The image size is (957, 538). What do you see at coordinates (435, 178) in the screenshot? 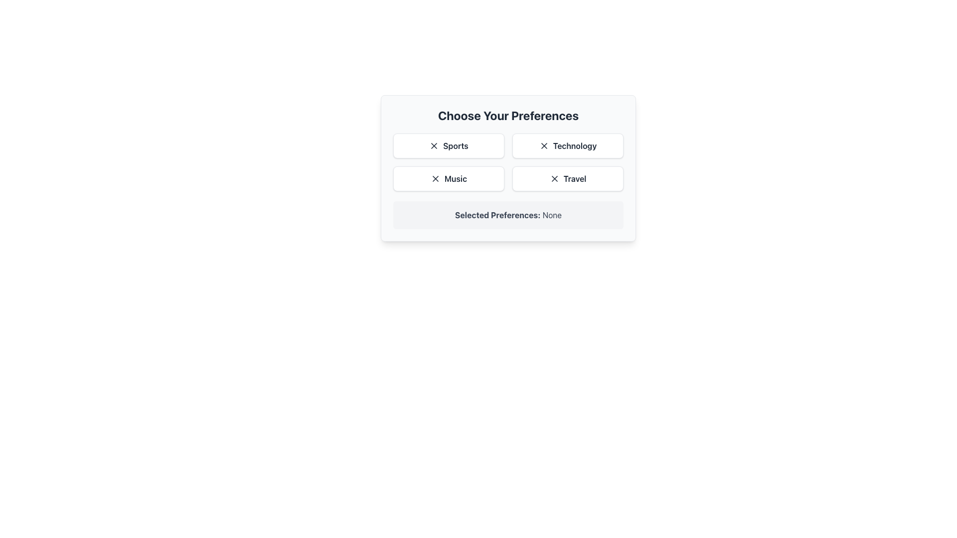
I see `the small black 'X' icon on the left side of the 'Music' button to deselect the 'Music' preference` at bounding box center [435, 178].